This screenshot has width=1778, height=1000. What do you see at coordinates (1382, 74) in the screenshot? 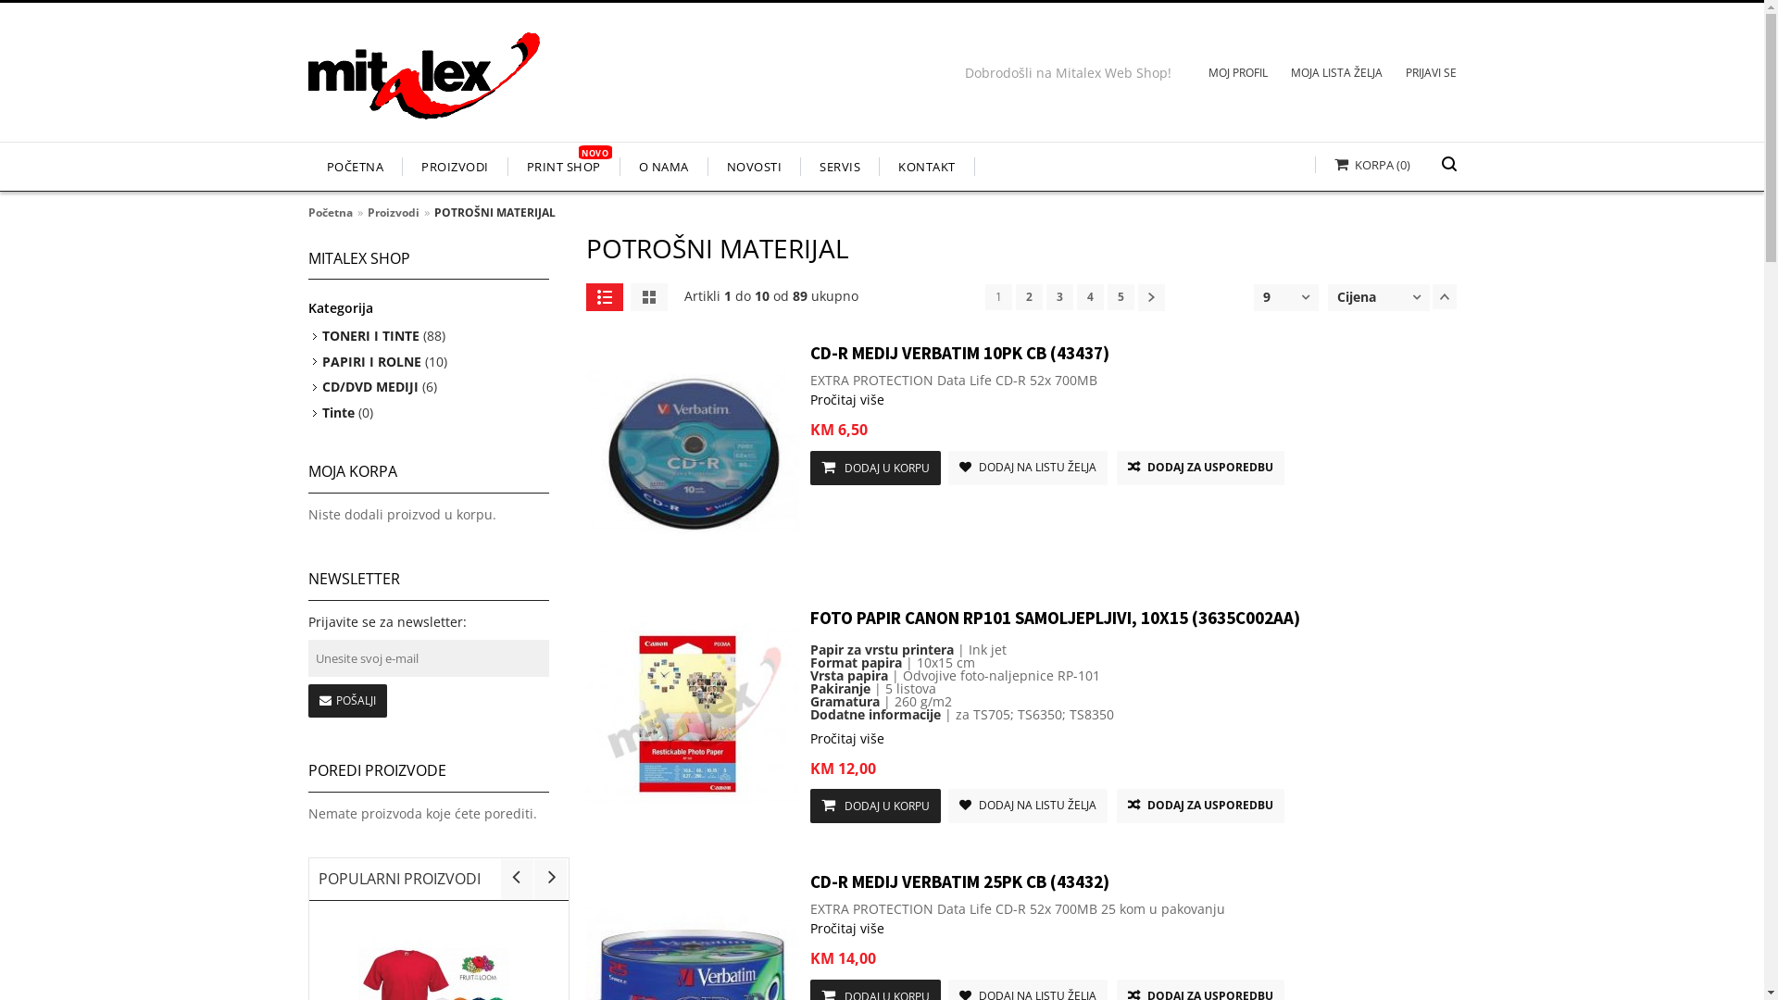
I see `'PRIJAVI SE'` at bounding box center [1382, 74].